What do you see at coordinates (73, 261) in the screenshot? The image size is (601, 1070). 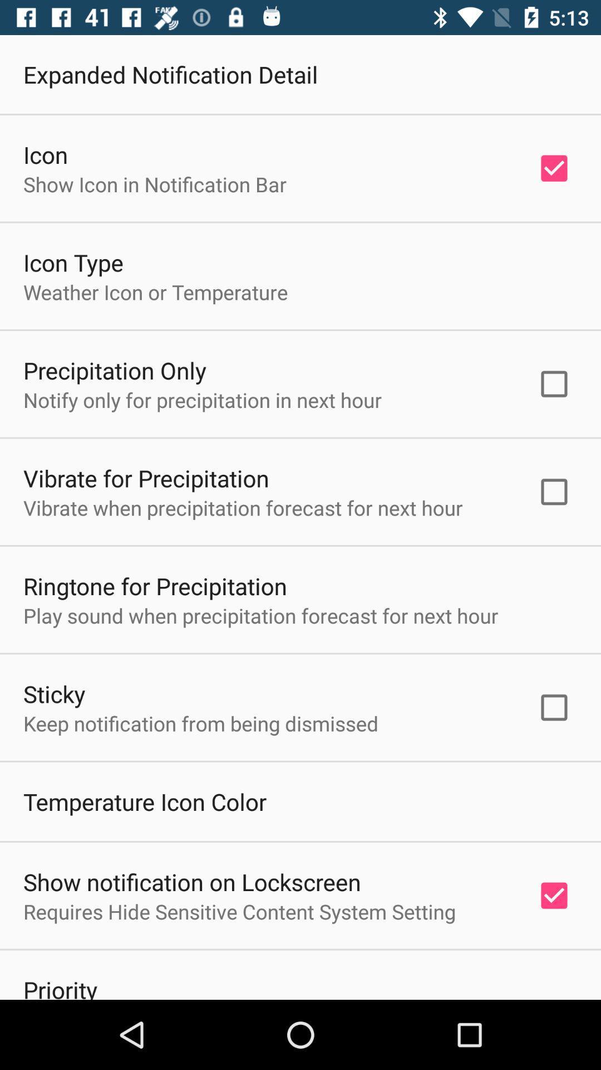 I see `icon below show icon in item` at bounding box center [73, 261].